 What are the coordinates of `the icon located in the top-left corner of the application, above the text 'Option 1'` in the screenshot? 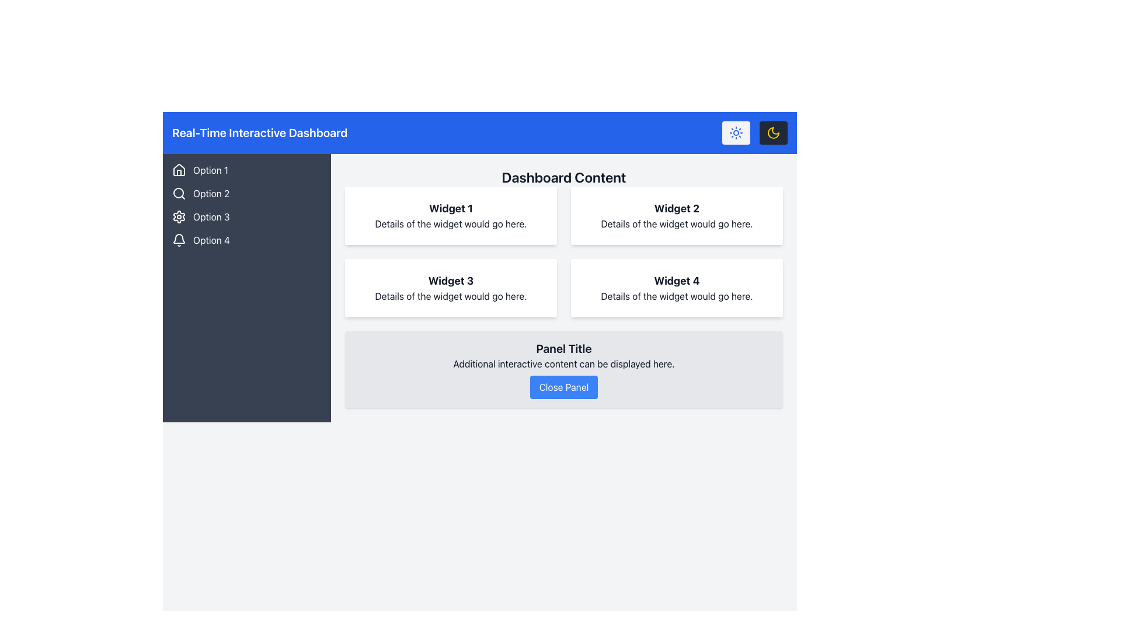 It's located at (179, 170).